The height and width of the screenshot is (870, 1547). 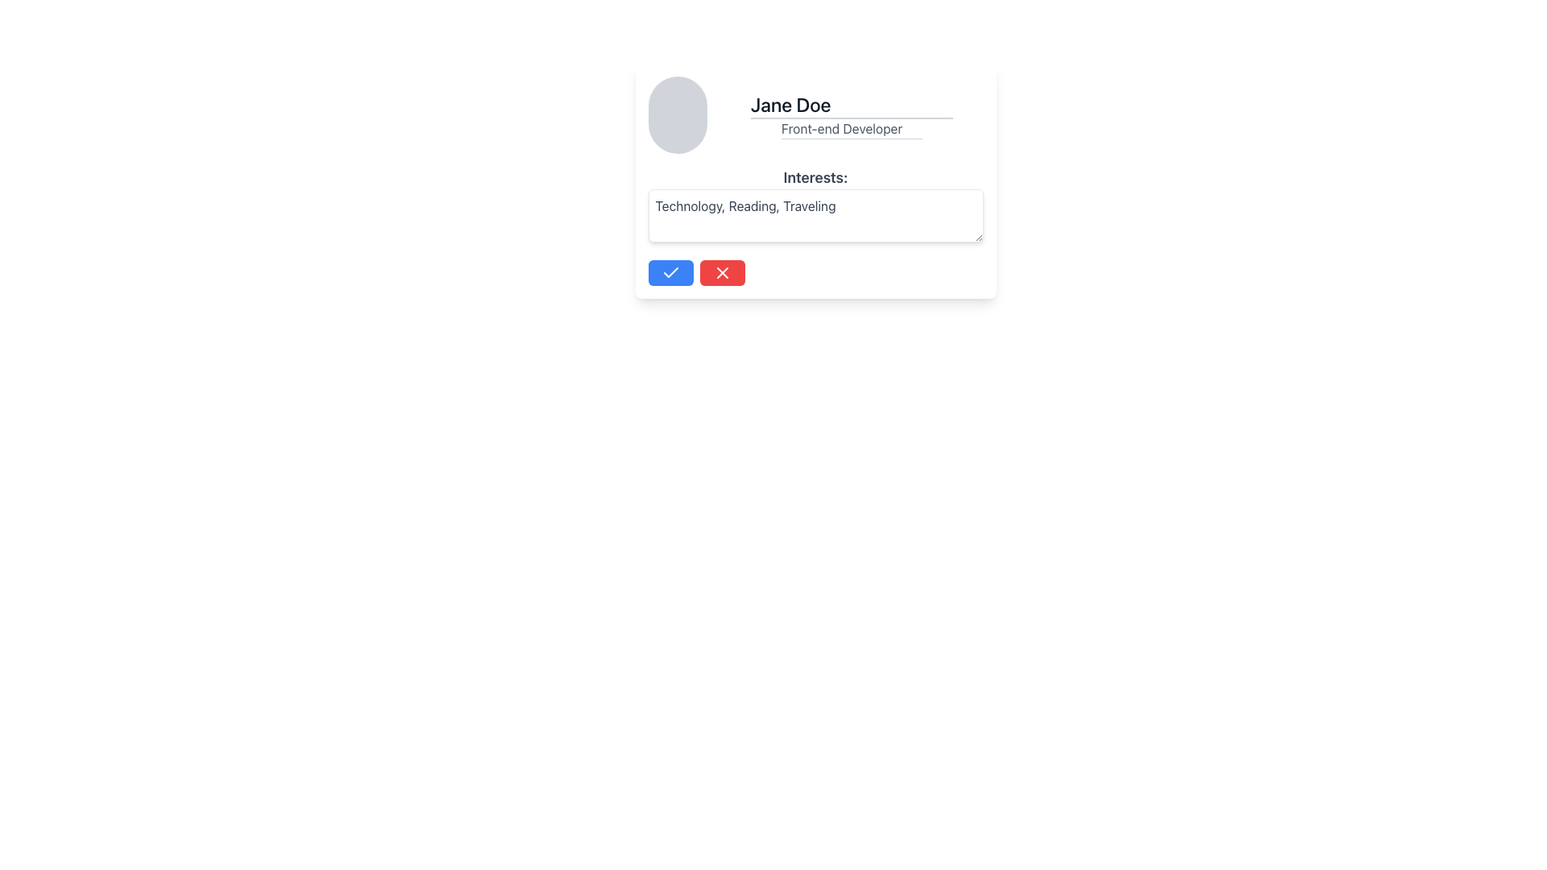 What do you see at coordinates (815, 206) in the screenshot?
I see `the input field labeled 'Interests:' which contains the text 'Technology, Reading, Traveling' for a visual cue` at bounding box center [815, 206].